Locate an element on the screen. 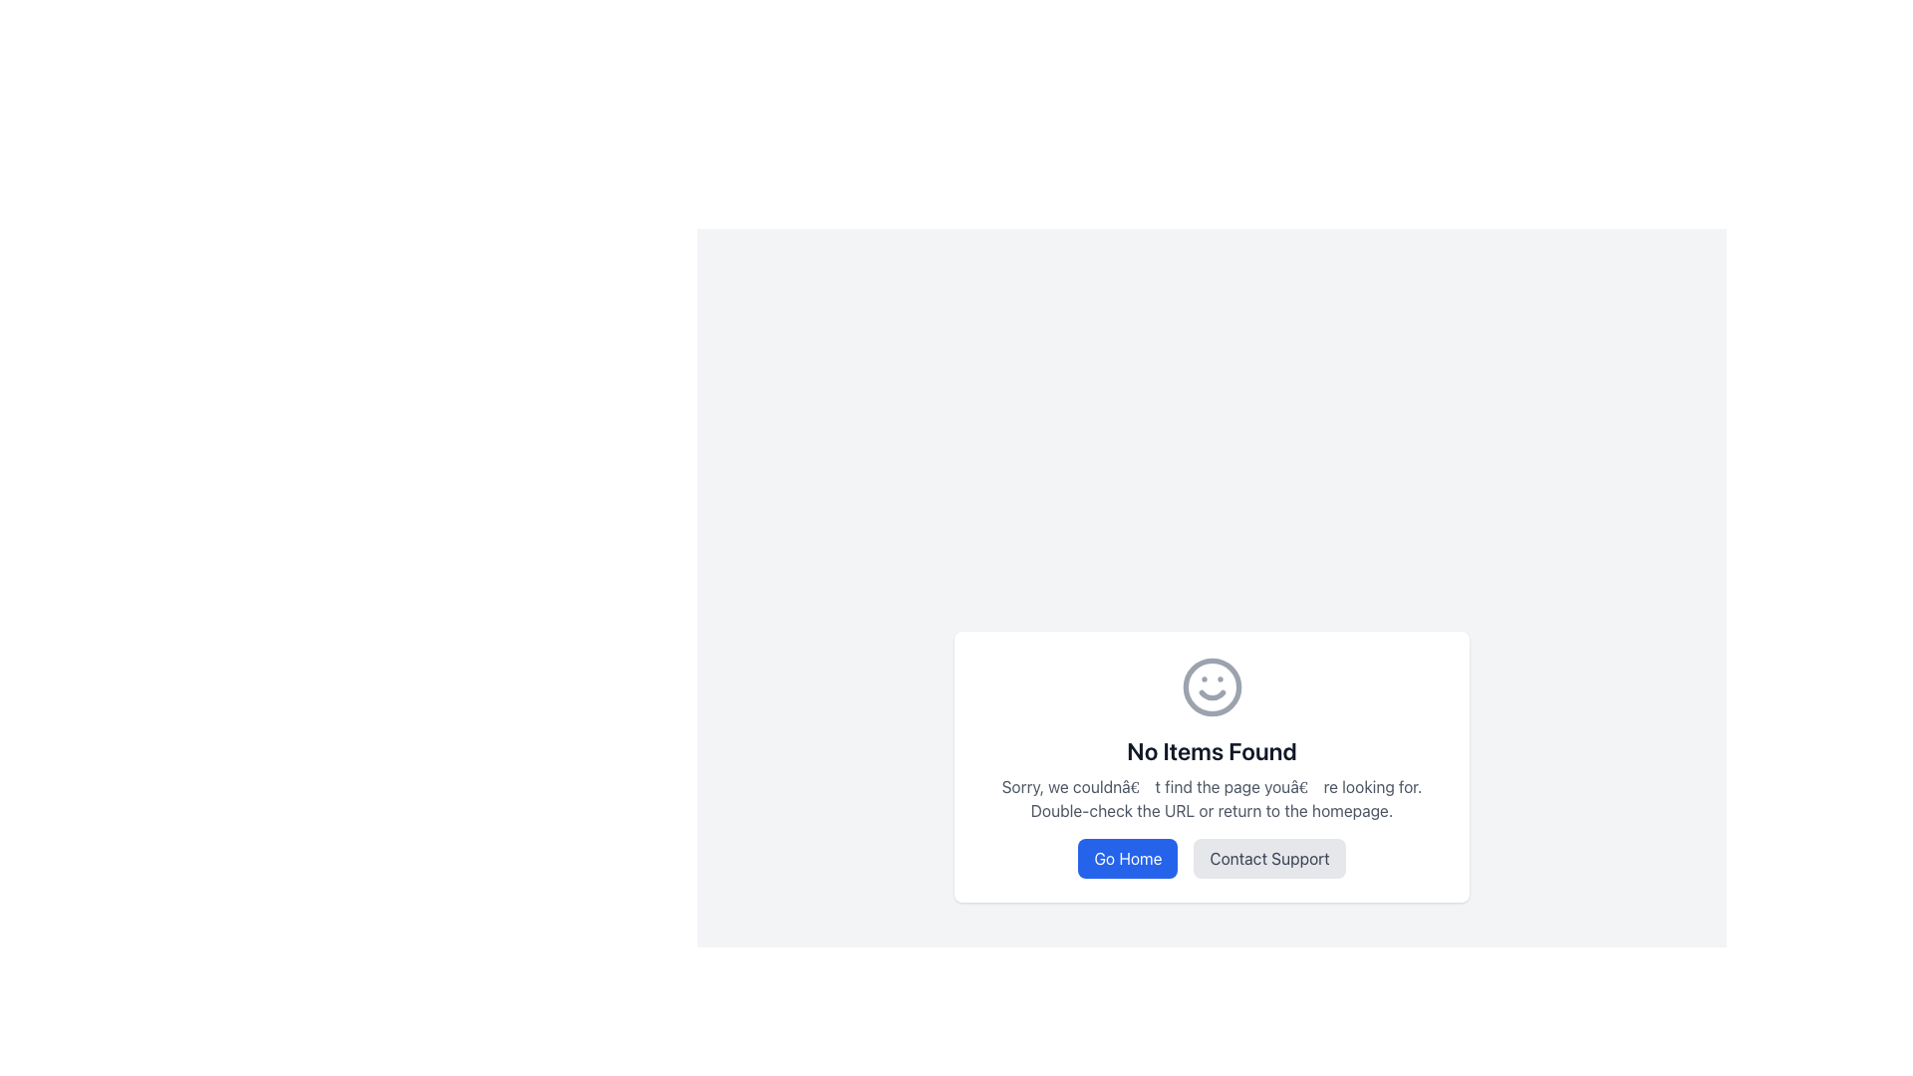 Image resolution: width=1913 pixels, height=1076 pixels. the 'Contact Support' button, which is a rectangular button with a gray background and rounded corners, located directly adjacent to the 'Go Home' button in the lower-center of the interface is located at coordinates (1211, 857).